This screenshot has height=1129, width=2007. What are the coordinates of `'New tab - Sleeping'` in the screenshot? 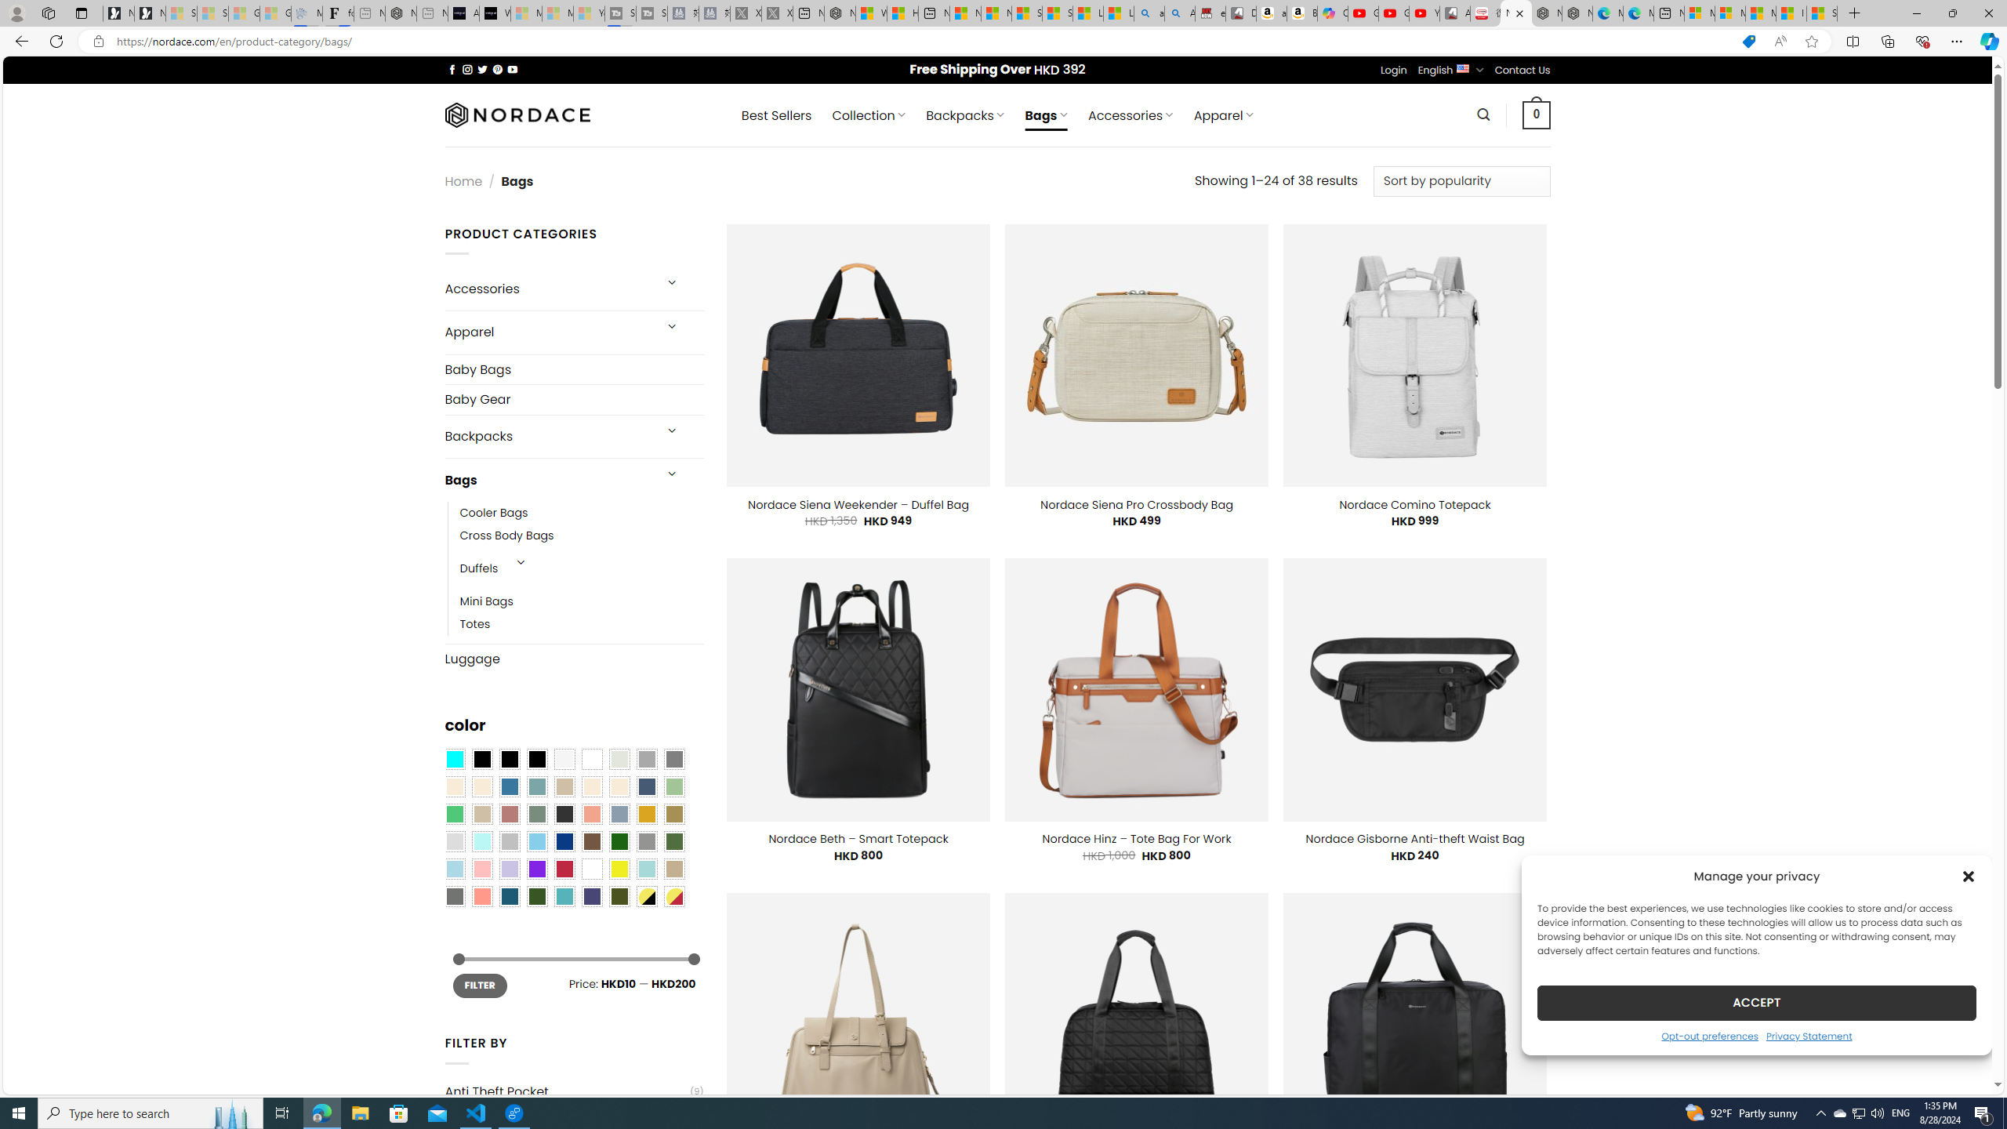 It's located at (431, 13).